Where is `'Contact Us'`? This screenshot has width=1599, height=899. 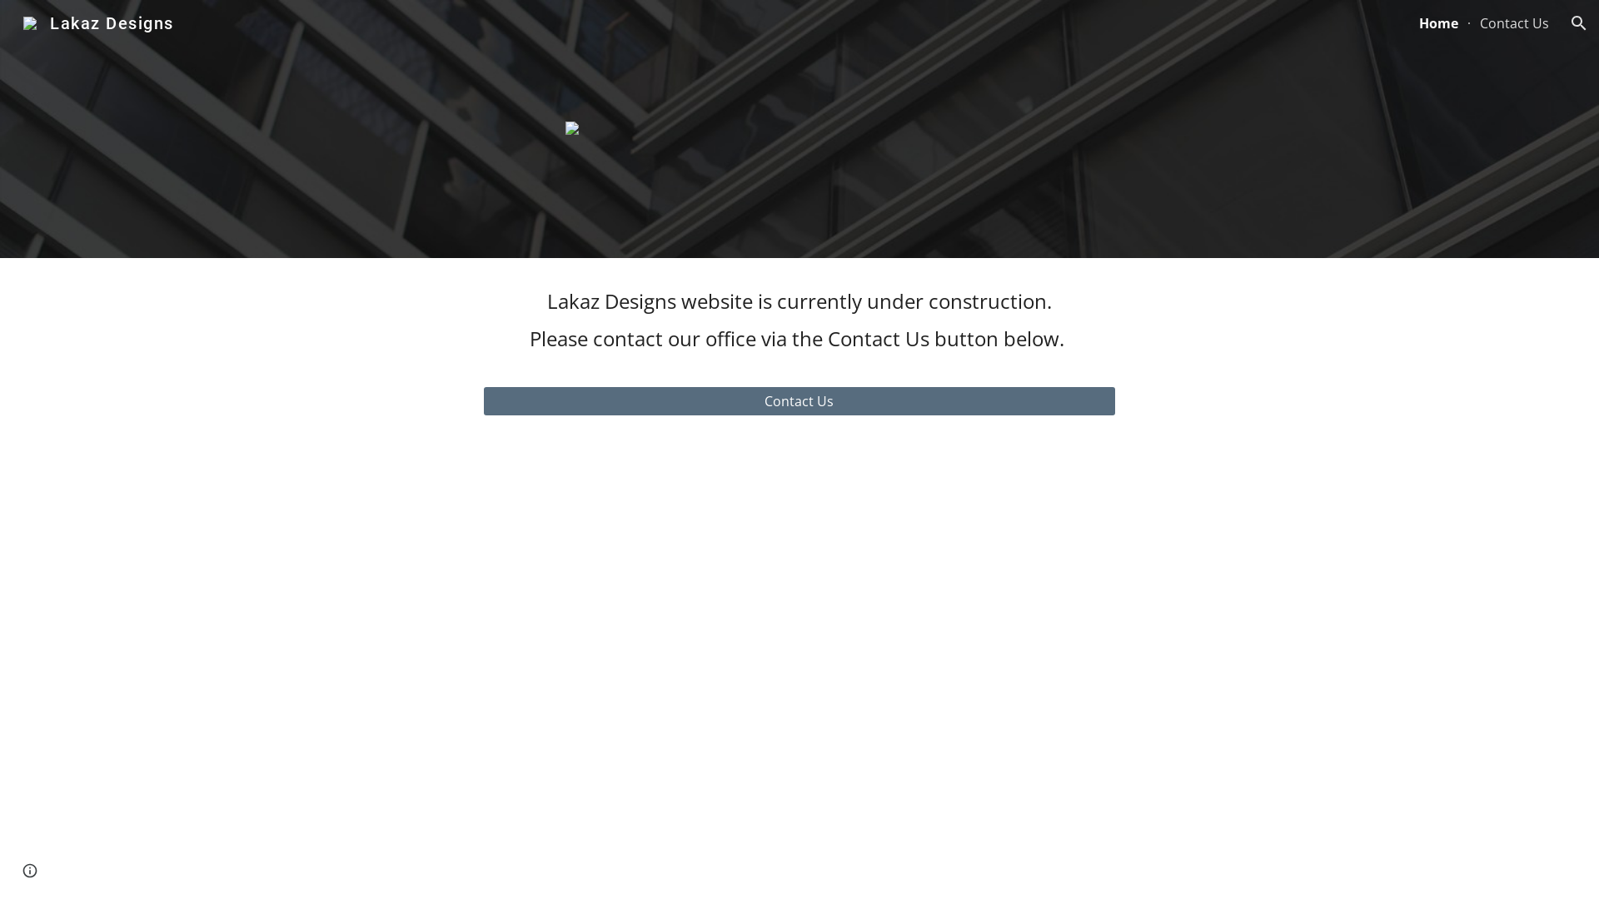 'Contact Us' is located at coordinates (1514, 22).